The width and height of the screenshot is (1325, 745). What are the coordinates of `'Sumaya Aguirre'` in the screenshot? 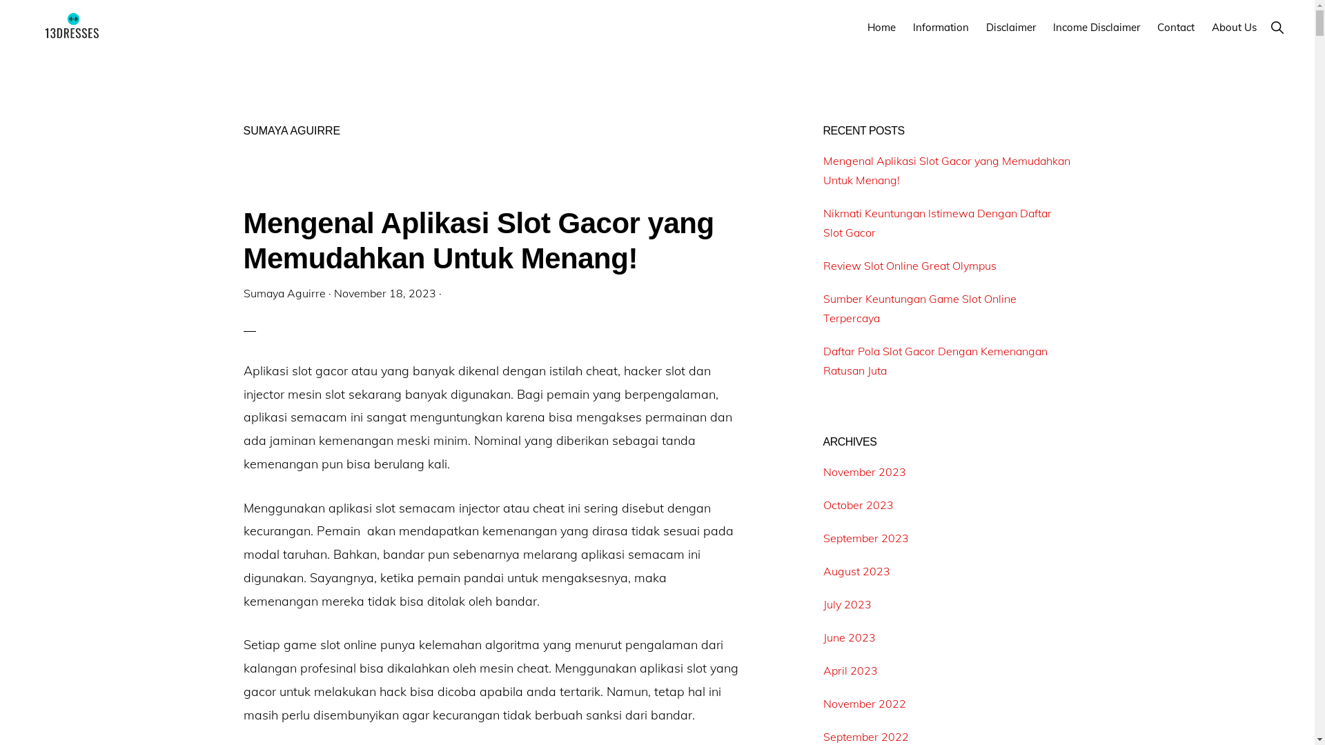 It's located at (242, 292).